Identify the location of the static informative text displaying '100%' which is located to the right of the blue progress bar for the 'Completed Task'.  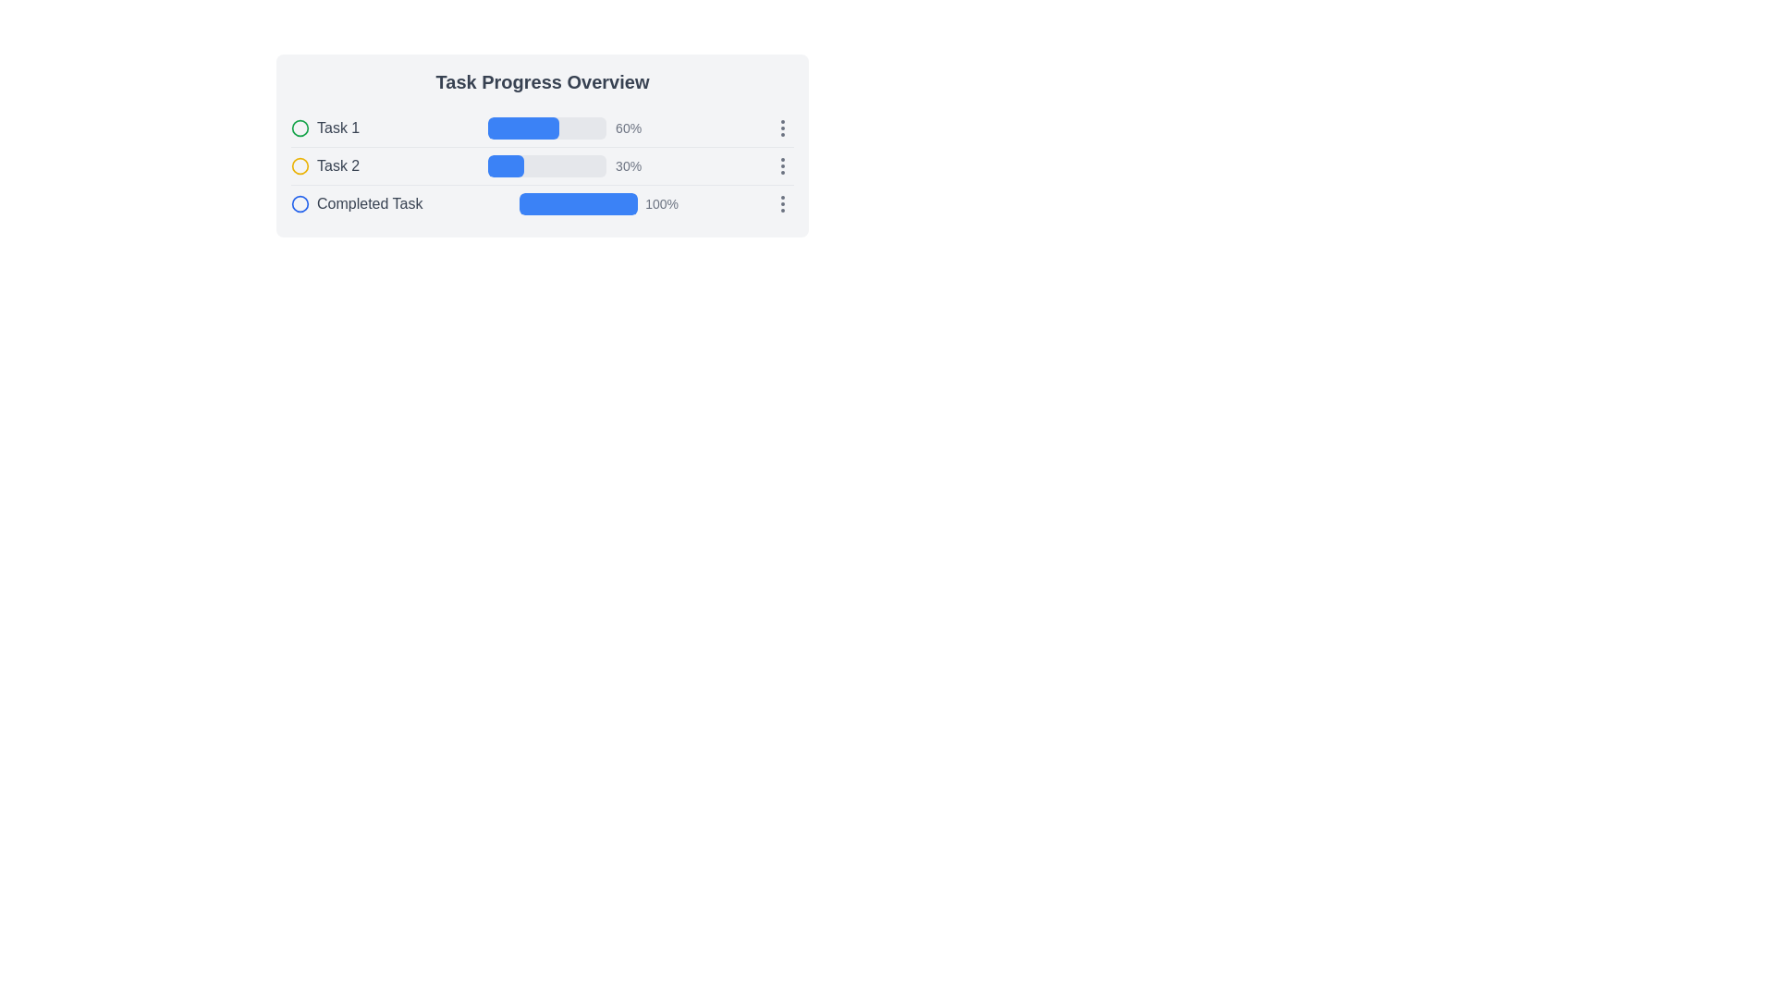
(660, 203).